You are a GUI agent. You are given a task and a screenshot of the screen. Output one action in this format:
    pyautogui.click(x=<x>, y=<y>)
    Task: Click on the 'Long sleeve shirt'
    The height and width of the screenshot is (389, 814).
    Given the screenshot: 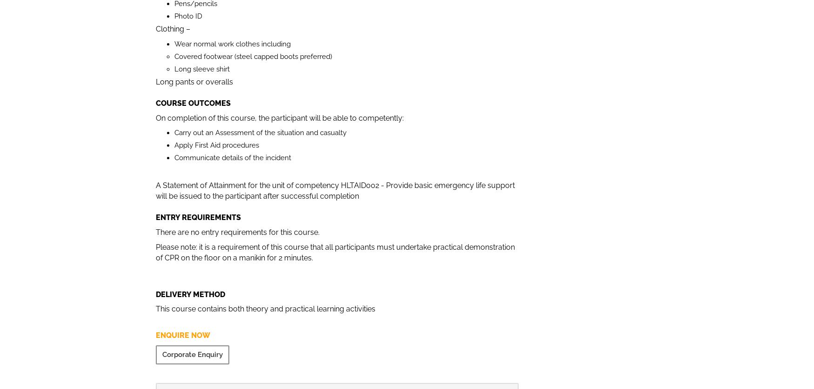 What is the action you would take?
    pyautogui.click(x=201, y=68)
    